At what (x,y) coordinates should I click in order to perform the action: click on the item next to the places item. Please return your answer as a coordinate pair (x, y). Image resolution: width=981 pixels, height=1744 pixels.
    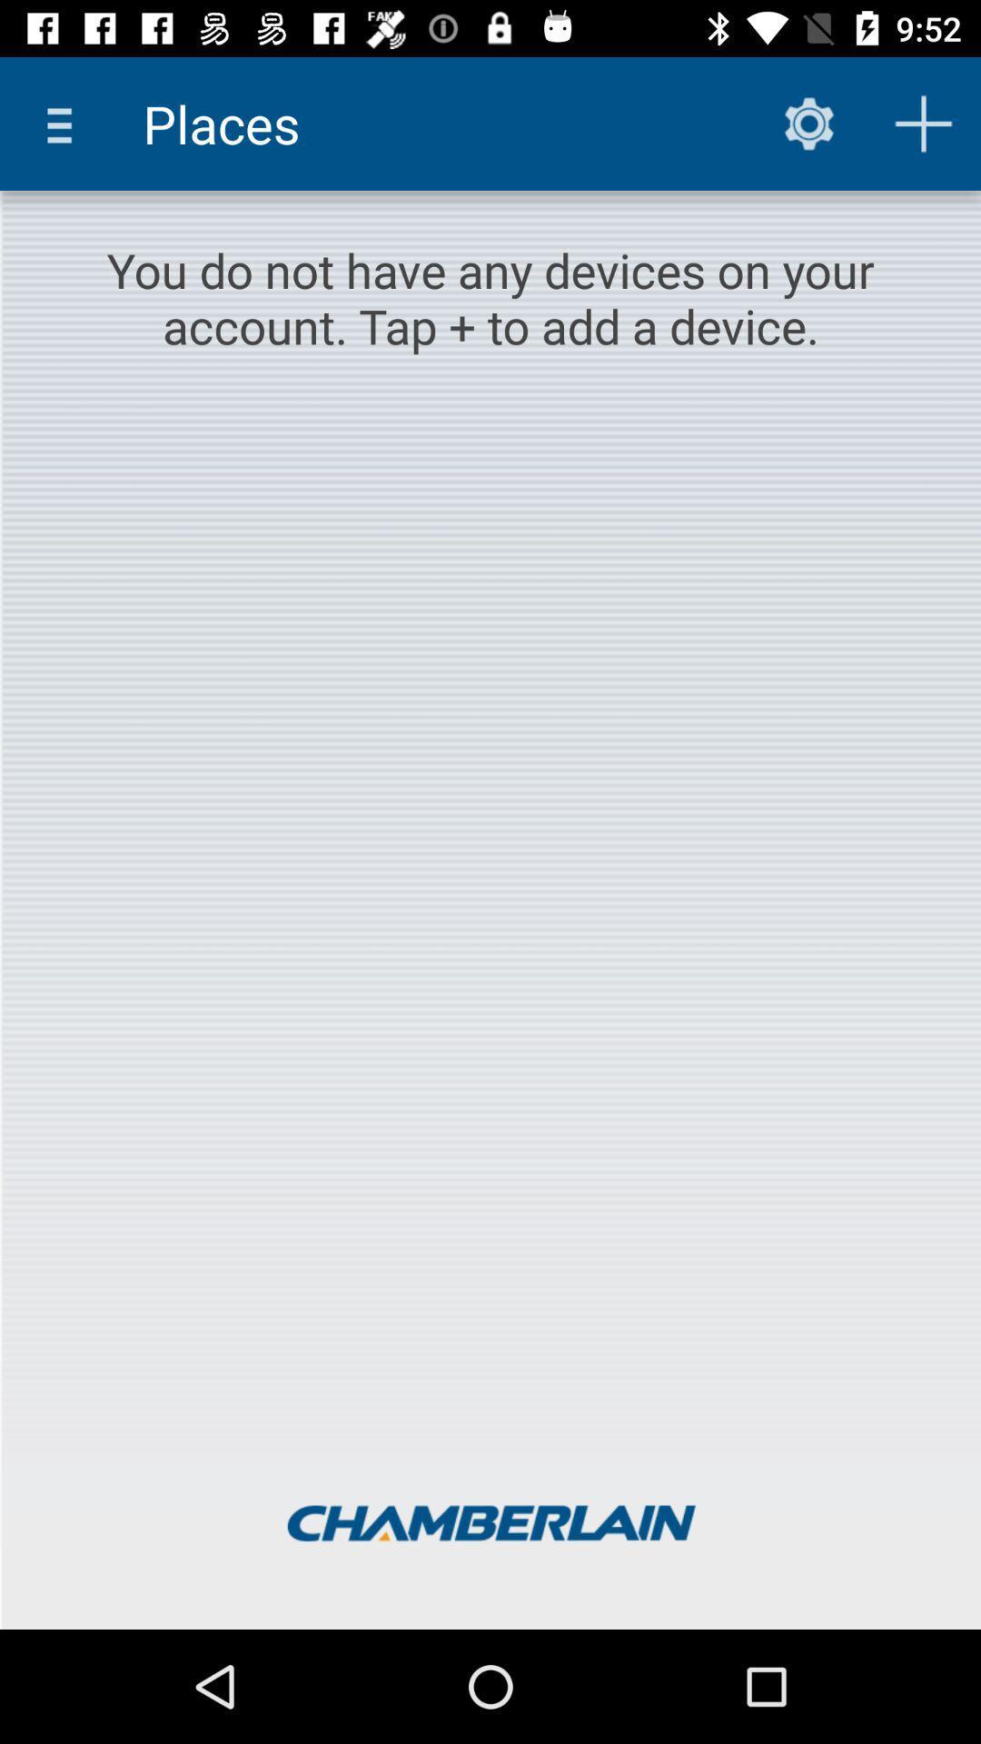
    Looking at the image, I should click on (808, 123).